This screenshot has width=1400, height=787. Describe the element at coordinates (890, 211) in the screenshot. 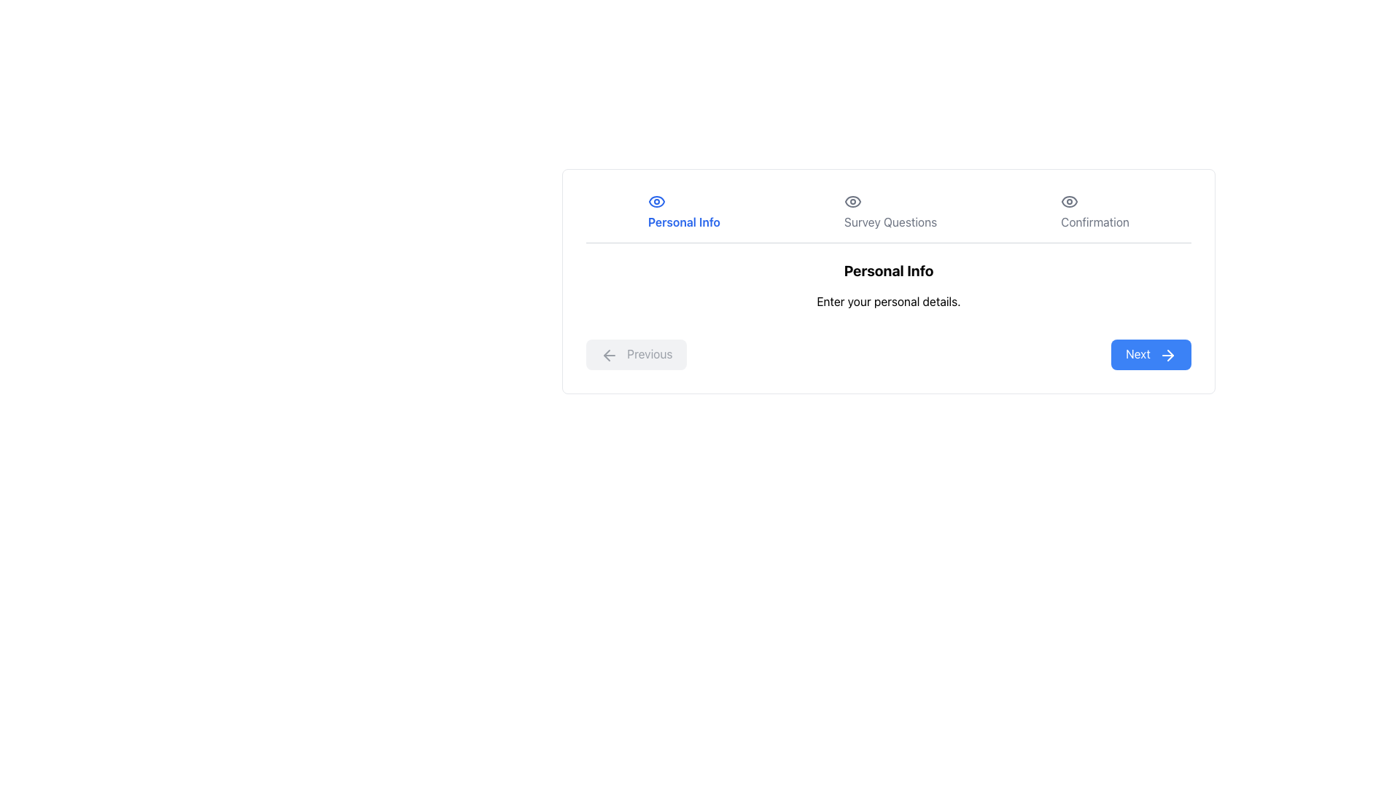

I see `the content of the text label 'Survey Questions' located in the center of the navigation bar, positioned between 'Personal Info' and 'Confirmation'` at that location.